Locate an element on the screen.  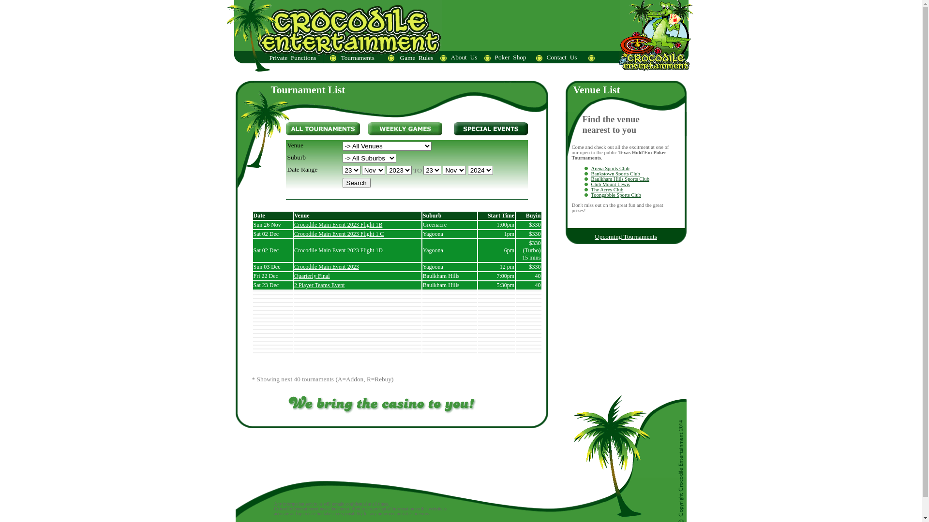
'Private_Functions' is located at coordinates (294, 58).